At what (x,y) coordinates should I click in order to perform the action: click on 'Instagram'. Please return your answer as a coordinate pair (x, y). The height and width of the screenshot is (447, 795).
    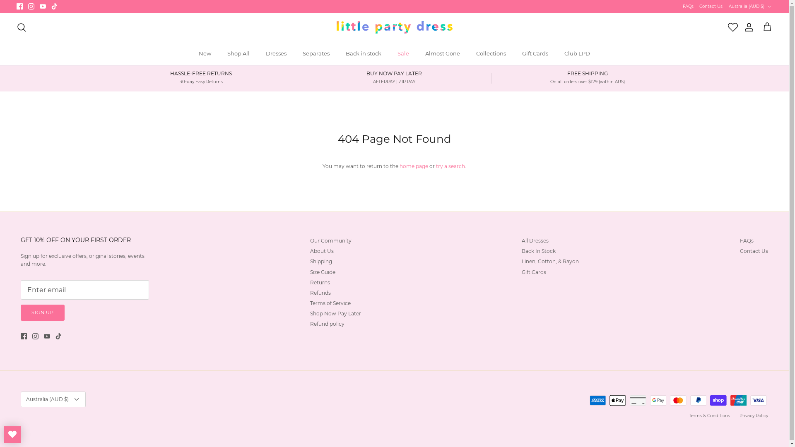
    Looking at the image, I should click on (31, 6).